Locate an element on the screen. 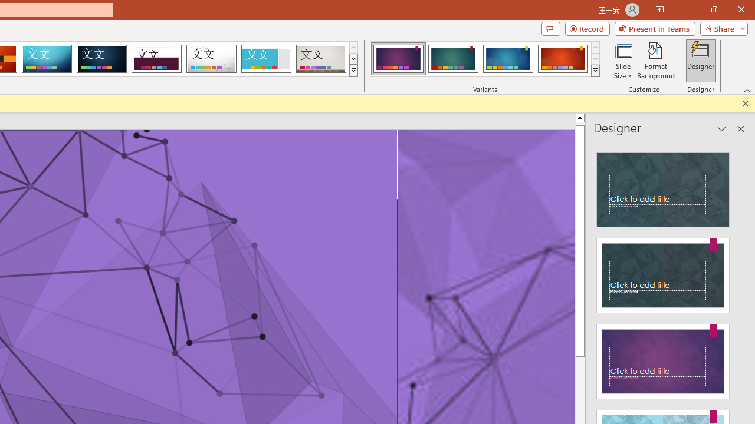  'Droplet' is located at coordinates (211, 59).